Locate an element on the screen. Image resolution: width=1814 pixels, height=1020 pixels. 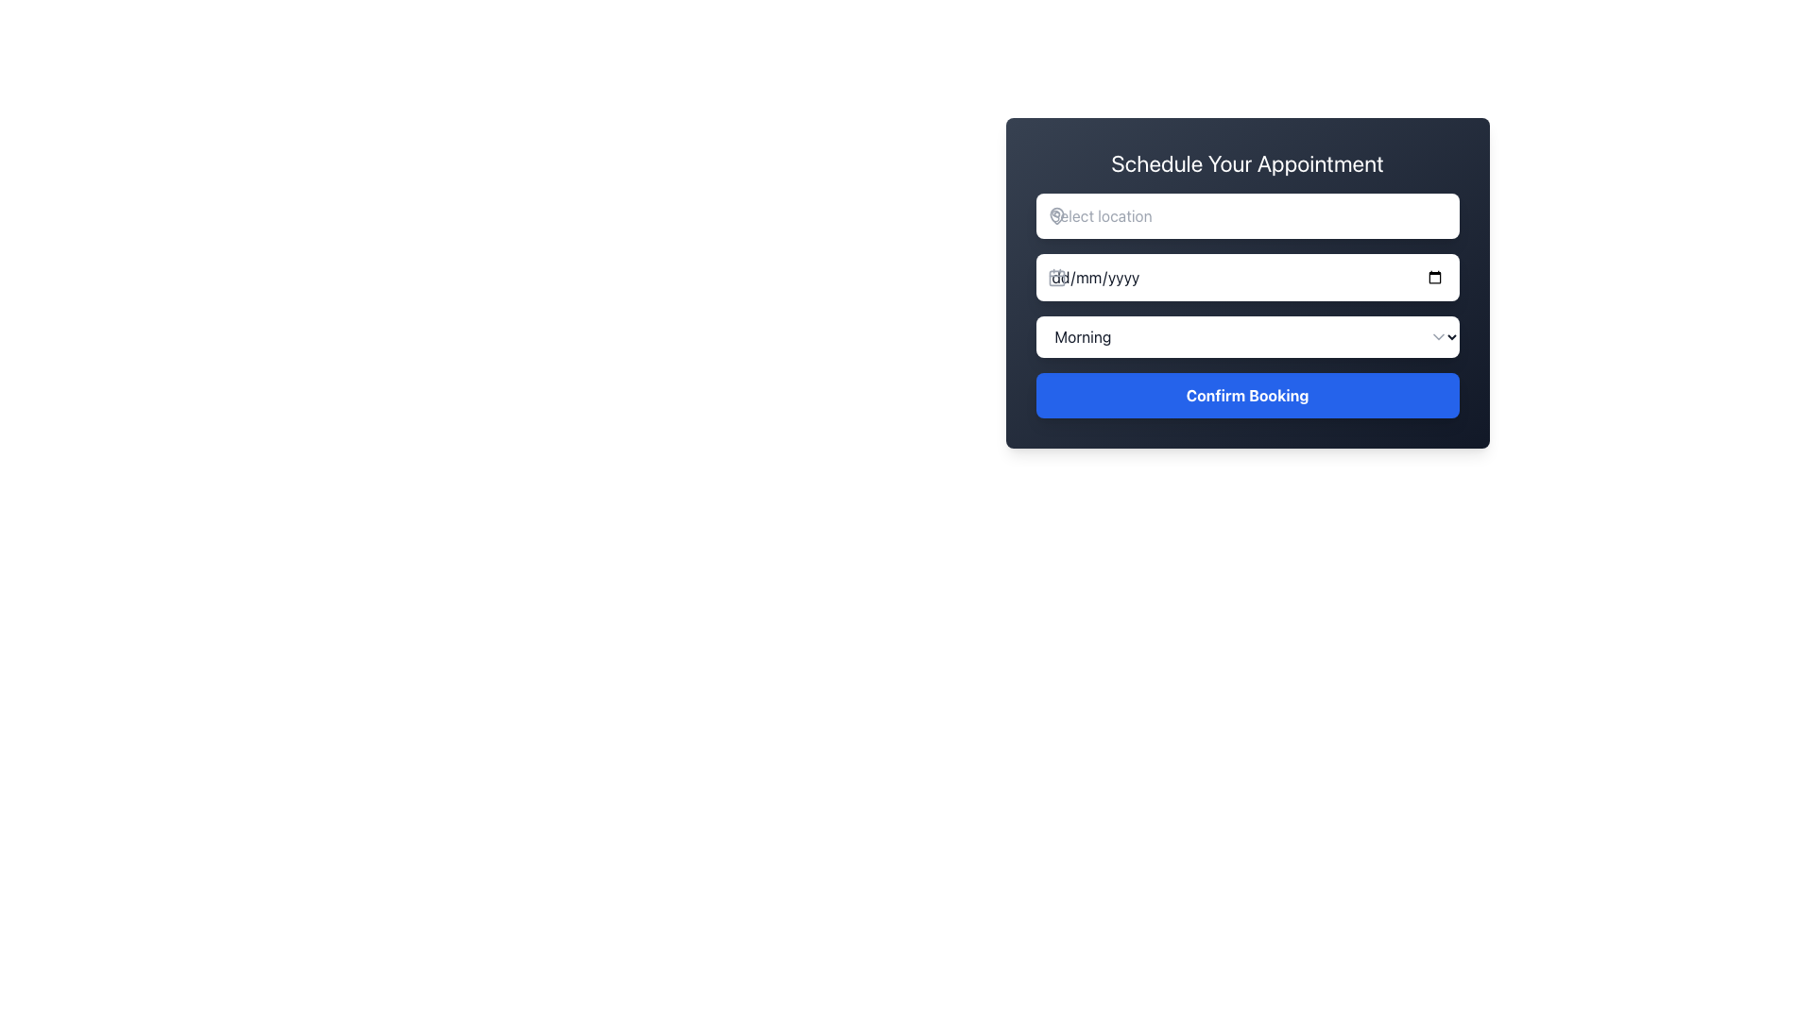
the booking confirmation button located at the bottom of the layout, which is the last interactive component after the input fields is located at coordinates (1247, 395).